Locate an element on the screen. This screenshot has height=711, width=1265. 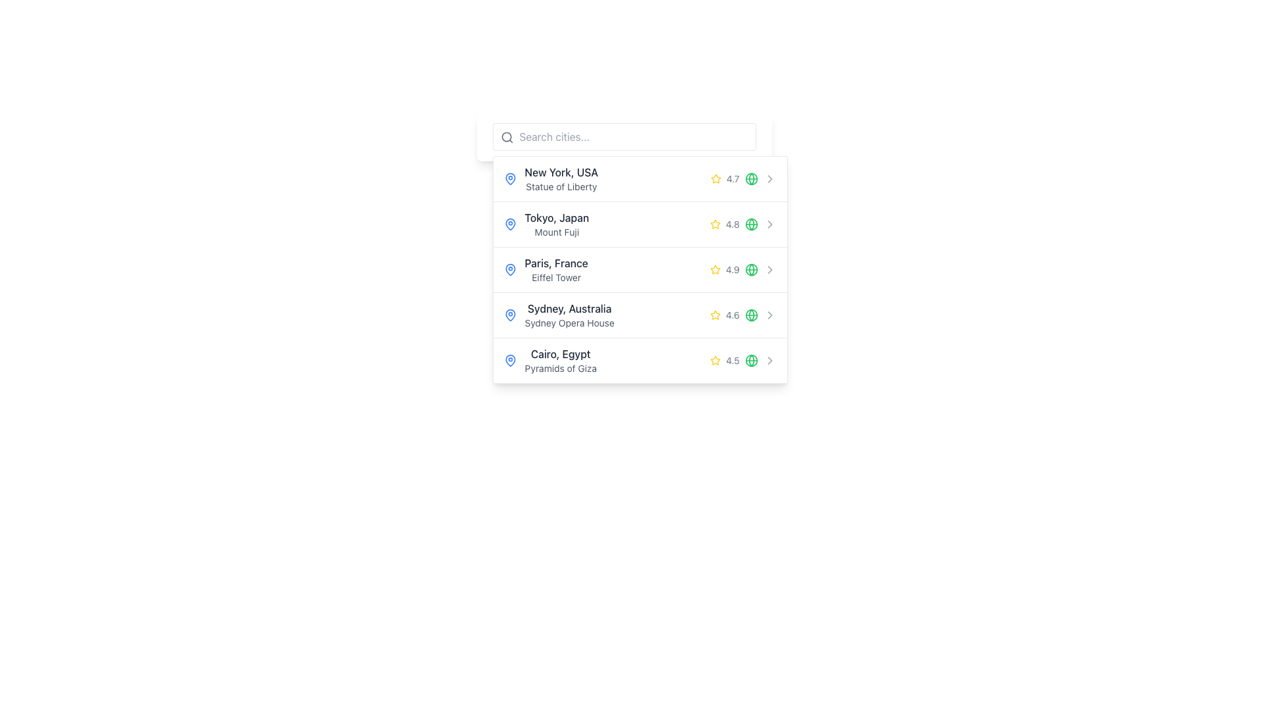
the navigation icon located in the row labeled 'Paris, France' is located at coordinates (770, 269).